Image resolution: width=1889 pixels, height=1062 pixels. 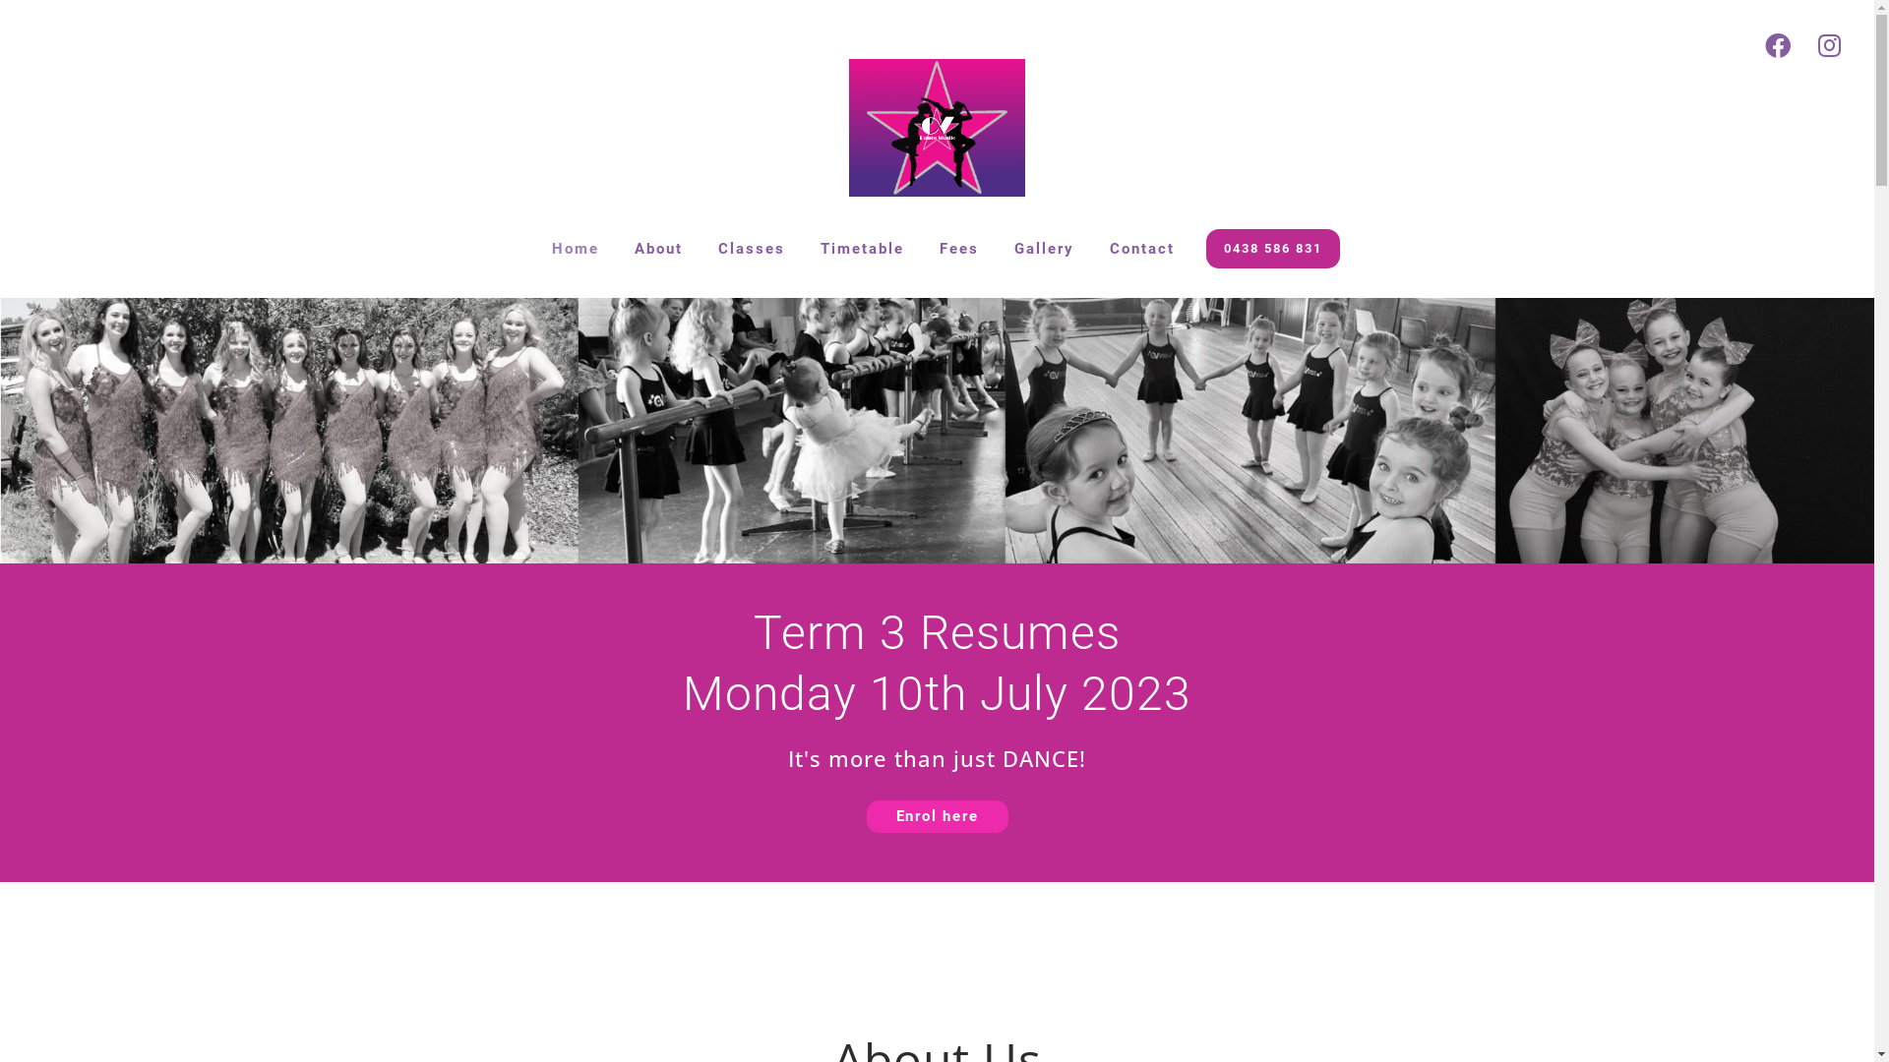 What do you see at coordinates (750, 248) in the screenshot?
I see `'Classes'` at bounding box center [750, 248].